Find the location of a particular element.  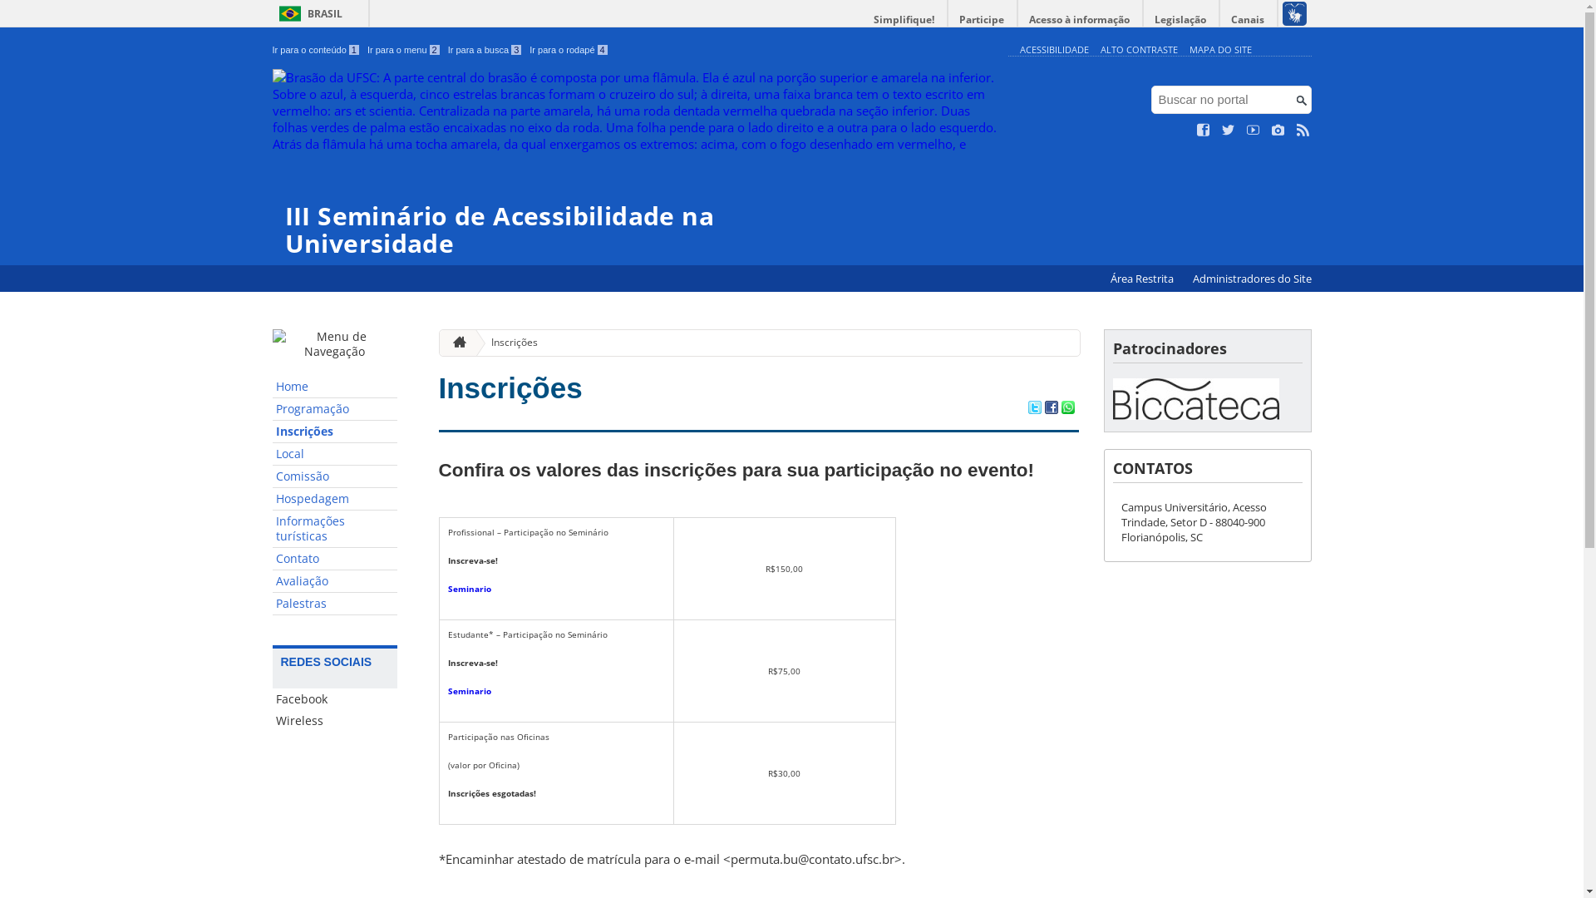

'Administradores do Site' is located at coordinates (1251, 278).